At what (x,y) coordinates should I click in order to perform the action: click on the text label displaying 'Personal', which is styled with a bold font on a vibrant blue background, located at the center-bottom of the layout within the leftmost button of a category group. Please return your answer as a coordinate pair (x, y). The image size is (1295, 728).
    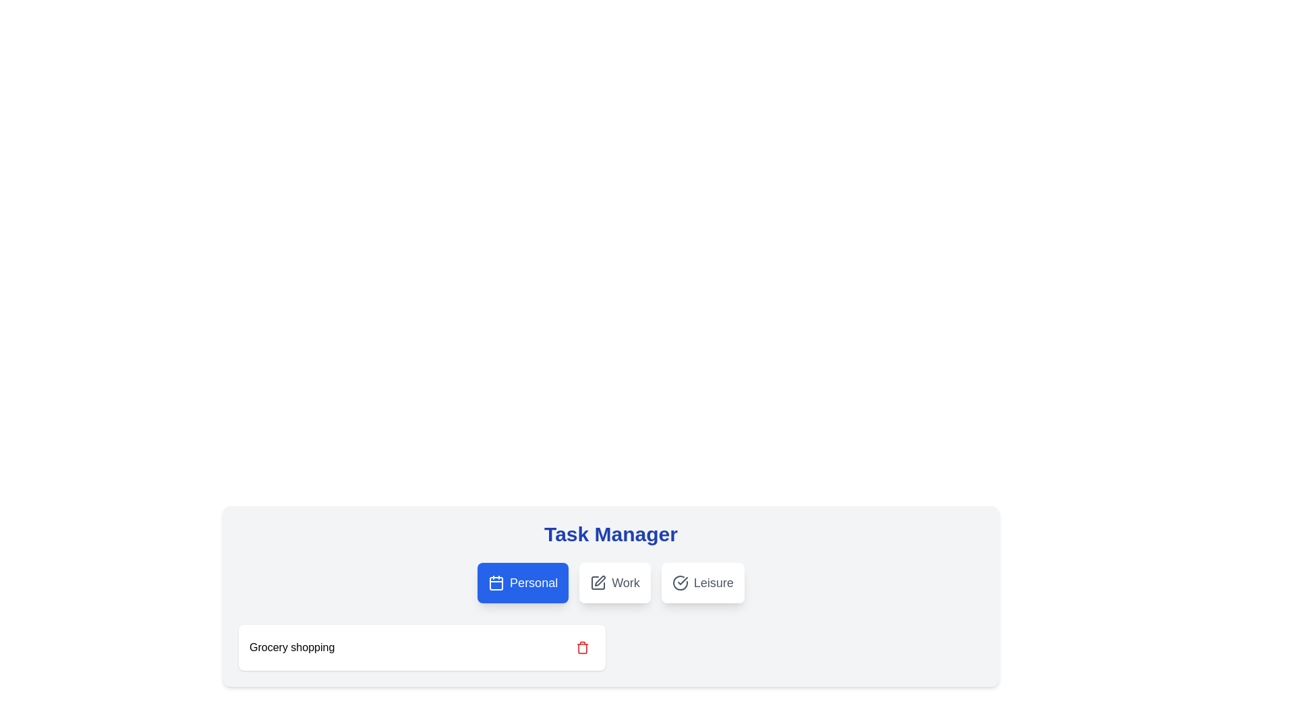
    Looking at the image, I should click on (533, 582).